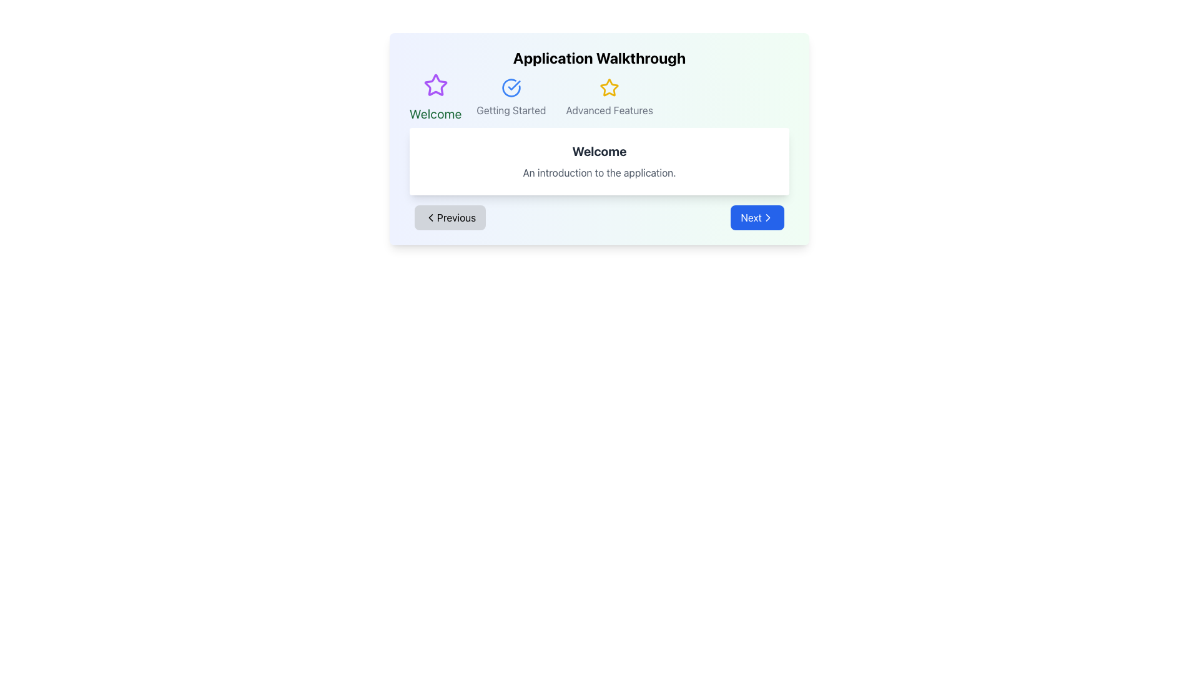 This screenshot has width=1199, height=674. I want to click on the 'Advanced Features' element, which is the third item in a horizontal group, so click(609, 97).